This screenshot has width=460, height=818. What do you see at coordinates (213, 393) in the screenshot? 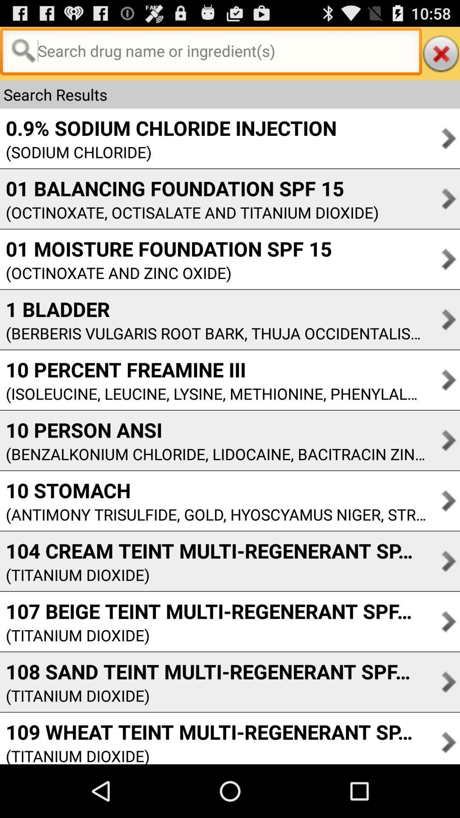
I see `isoleucine leucine lysine icon` at bounding box center [213, 393].